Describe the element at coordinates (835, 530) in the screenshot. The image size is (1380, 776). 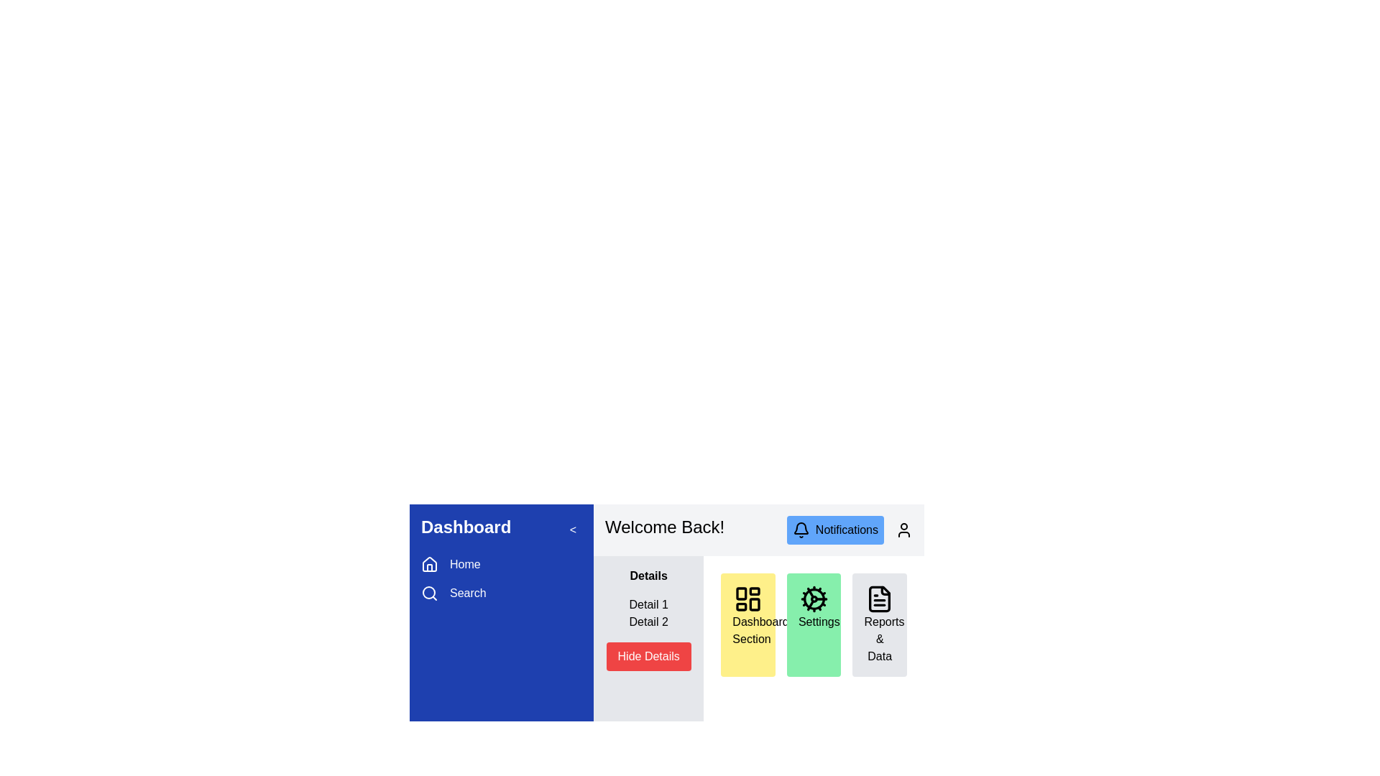
I see `the 'Notifications' button` at that location.